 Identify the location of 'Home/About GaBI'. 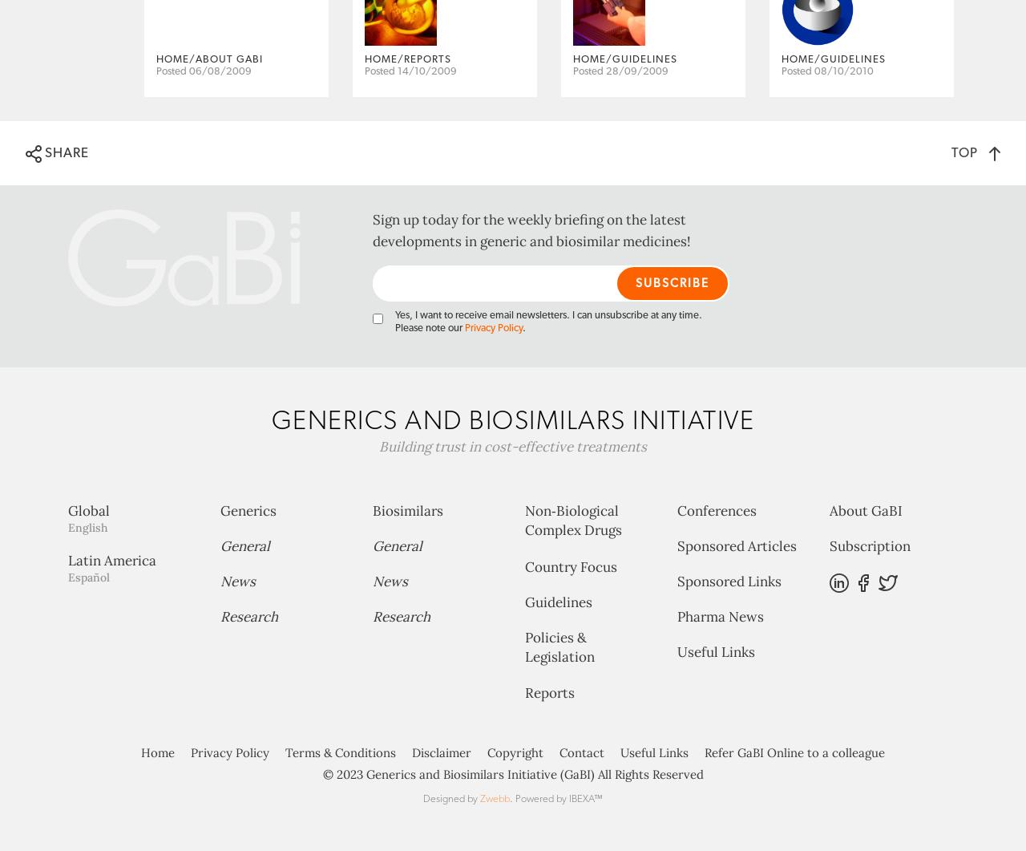
(208, 122).